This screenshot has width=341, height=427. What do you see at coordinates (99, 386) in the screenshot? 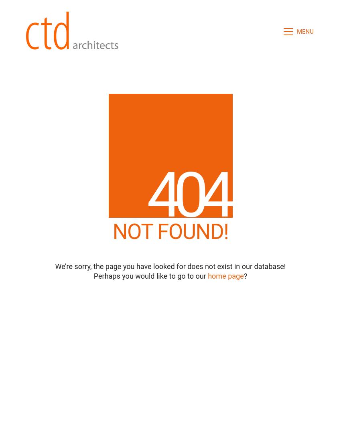
I see `'About'` at bounding box center [99, 386].